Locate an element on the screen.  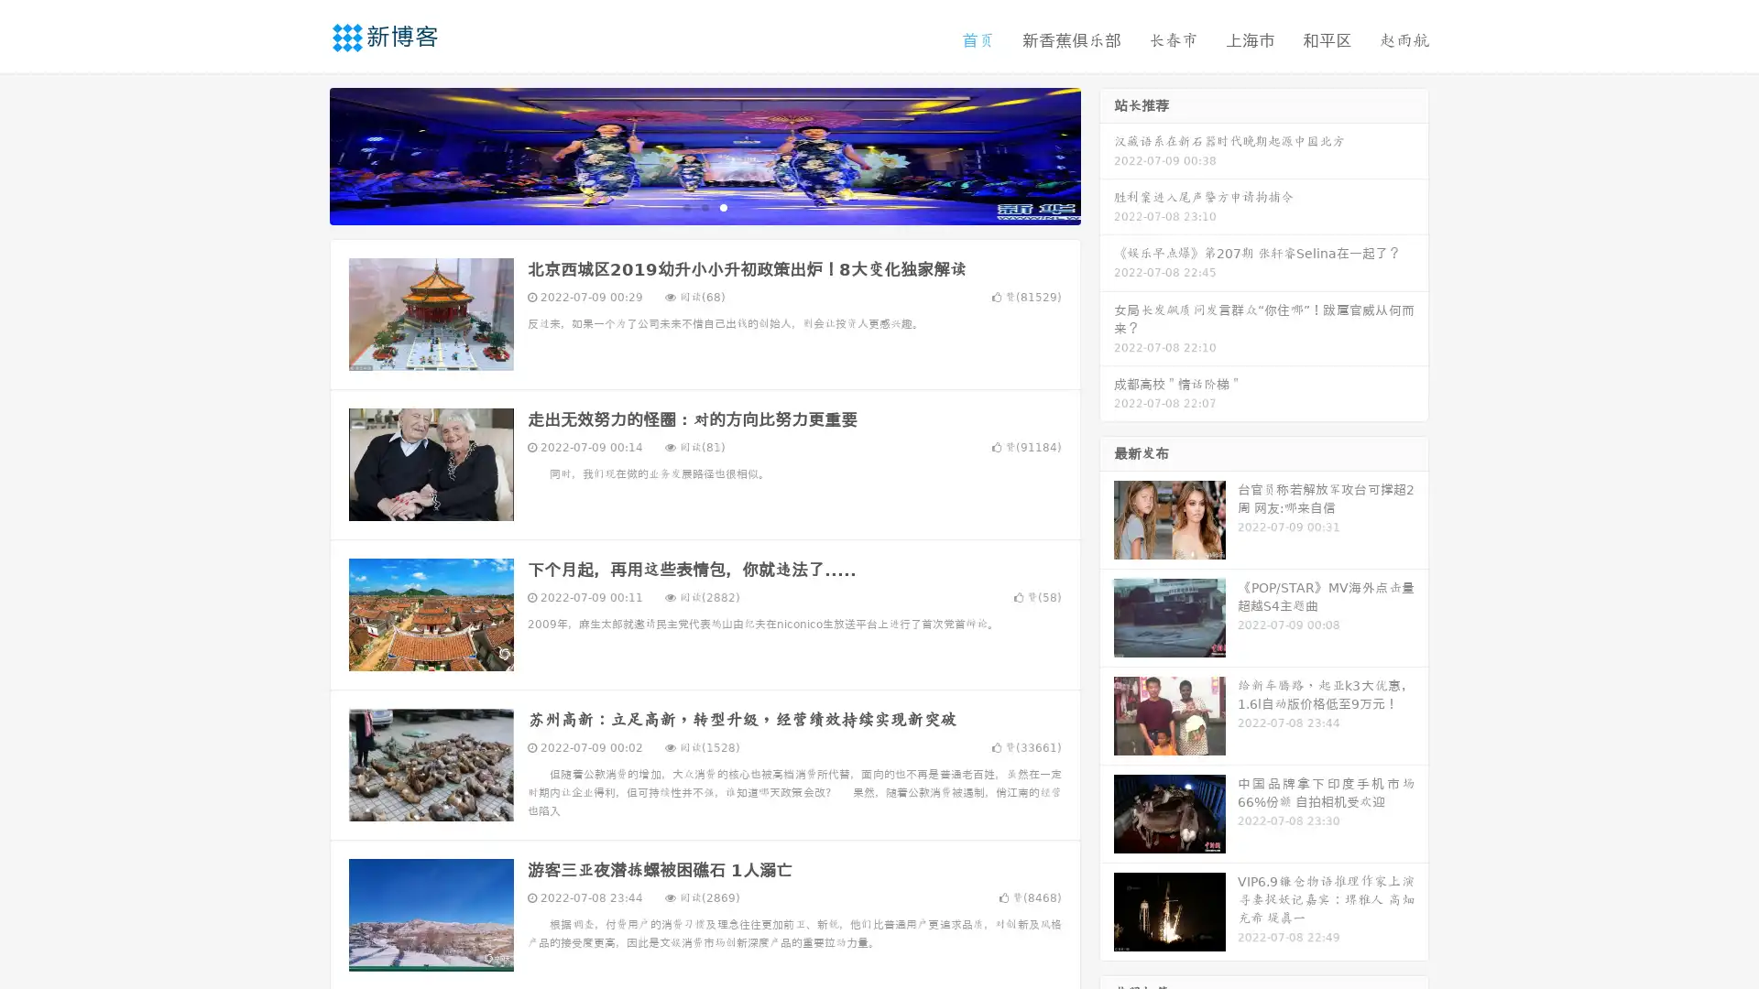
Go to slide 2 is located at coordinates (704, 206).